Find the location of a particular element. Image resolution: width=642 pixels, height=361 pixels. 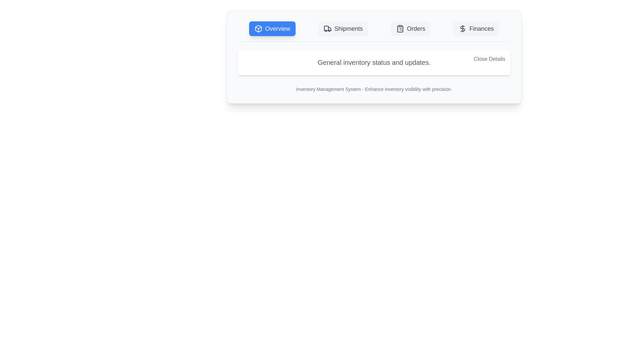

the tab Overview to observe the hover state effect is located at coordinates (272, 28).